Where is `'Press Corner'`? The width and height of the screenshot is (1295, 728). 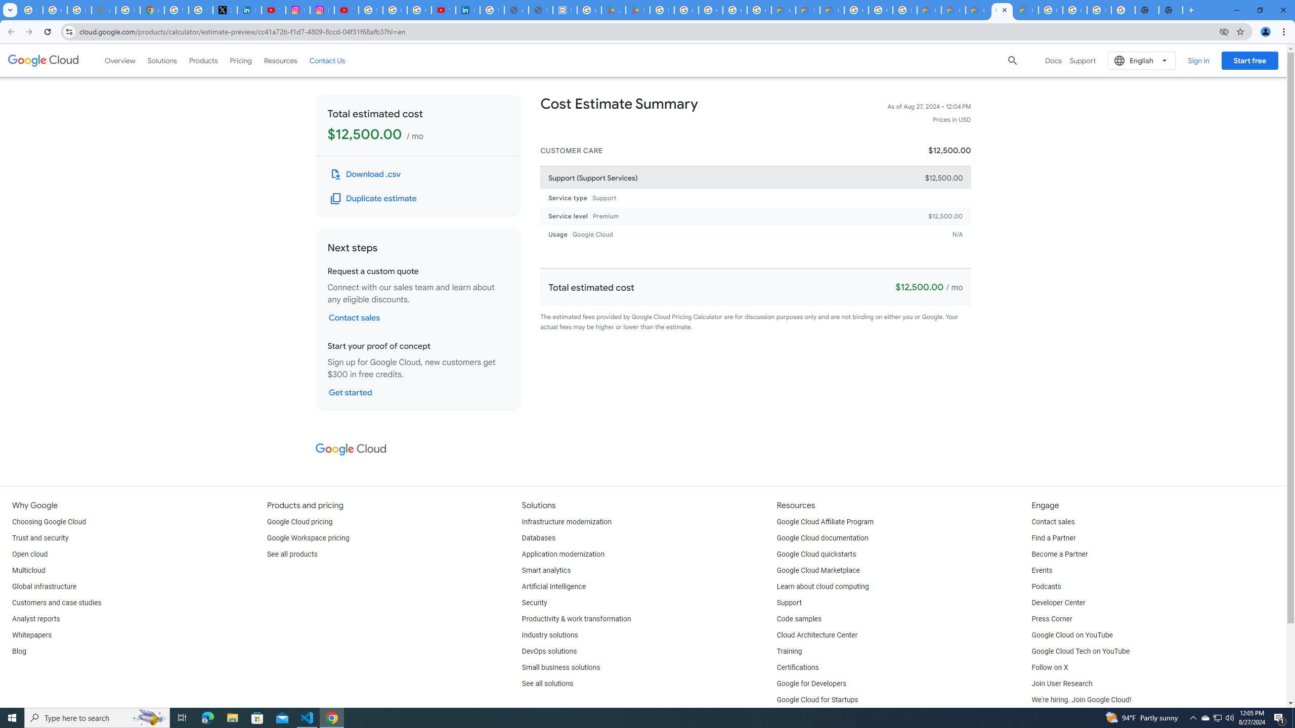 'Press Corner' is located at coordinates (1051, 619).